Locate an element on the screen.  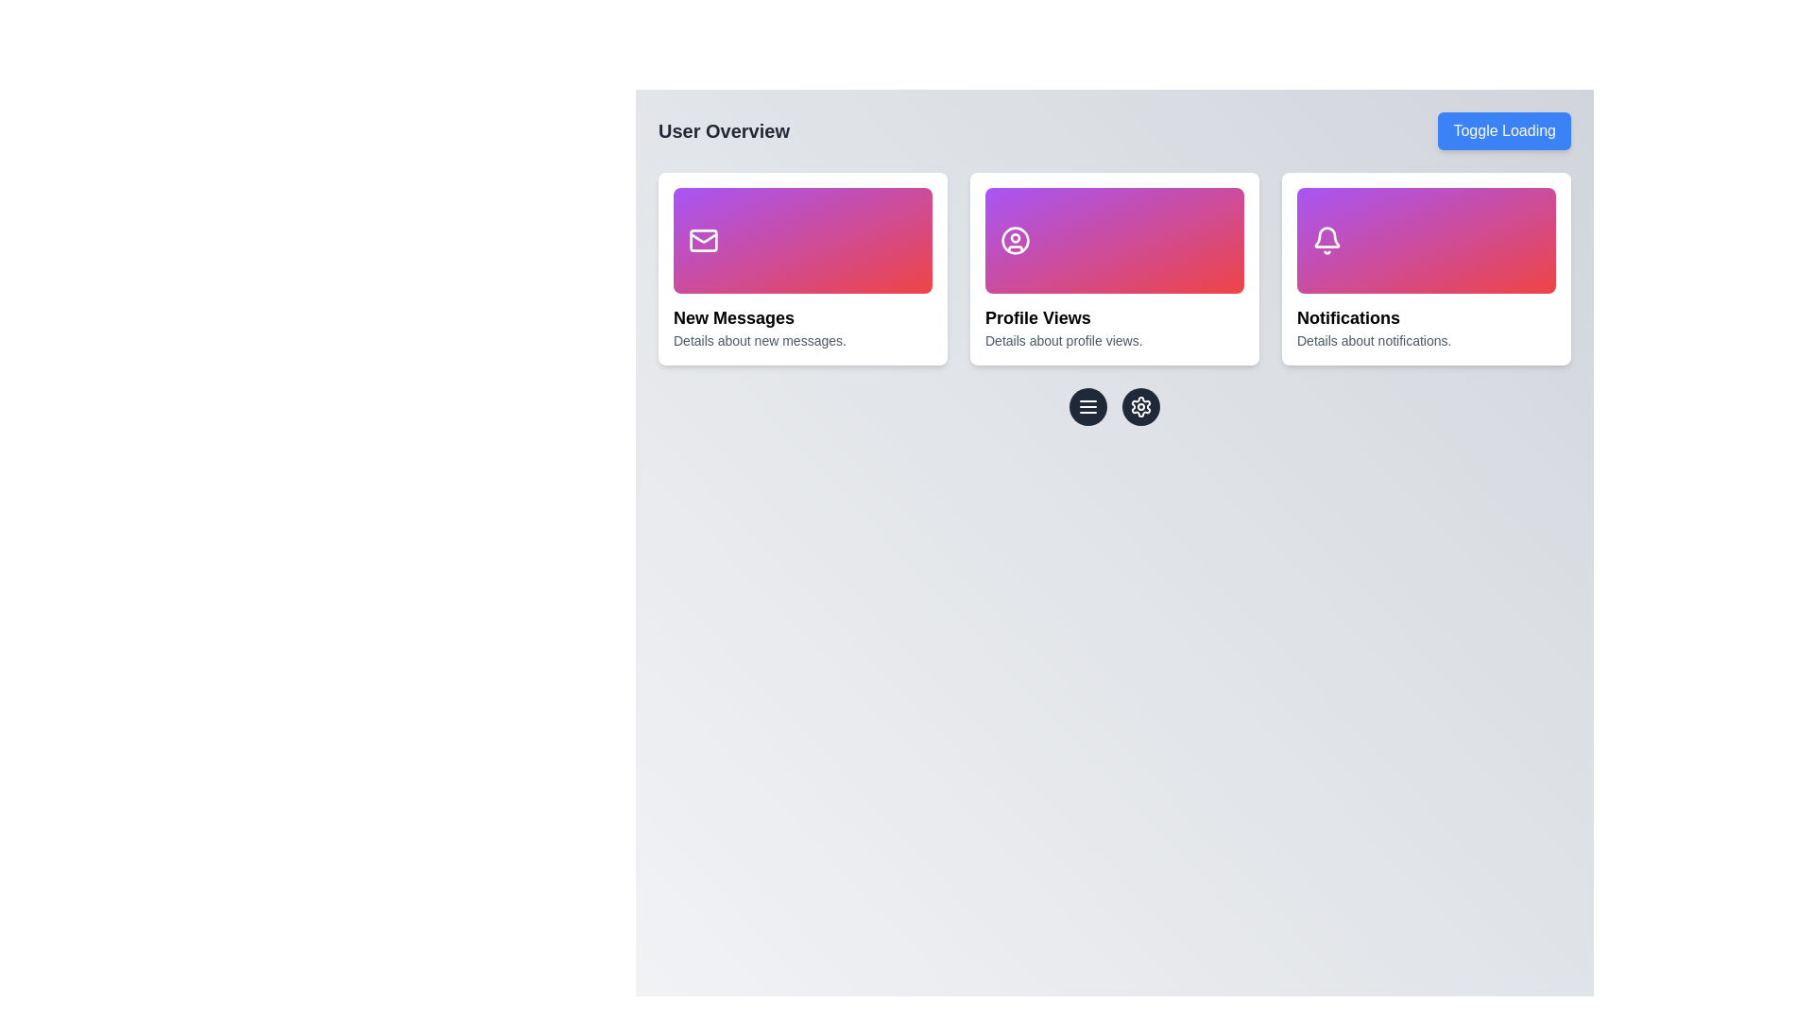
the bell icon located in the upper section of the 'Notifications' card on the right side of the interface is located at coordinates (1326, 236).